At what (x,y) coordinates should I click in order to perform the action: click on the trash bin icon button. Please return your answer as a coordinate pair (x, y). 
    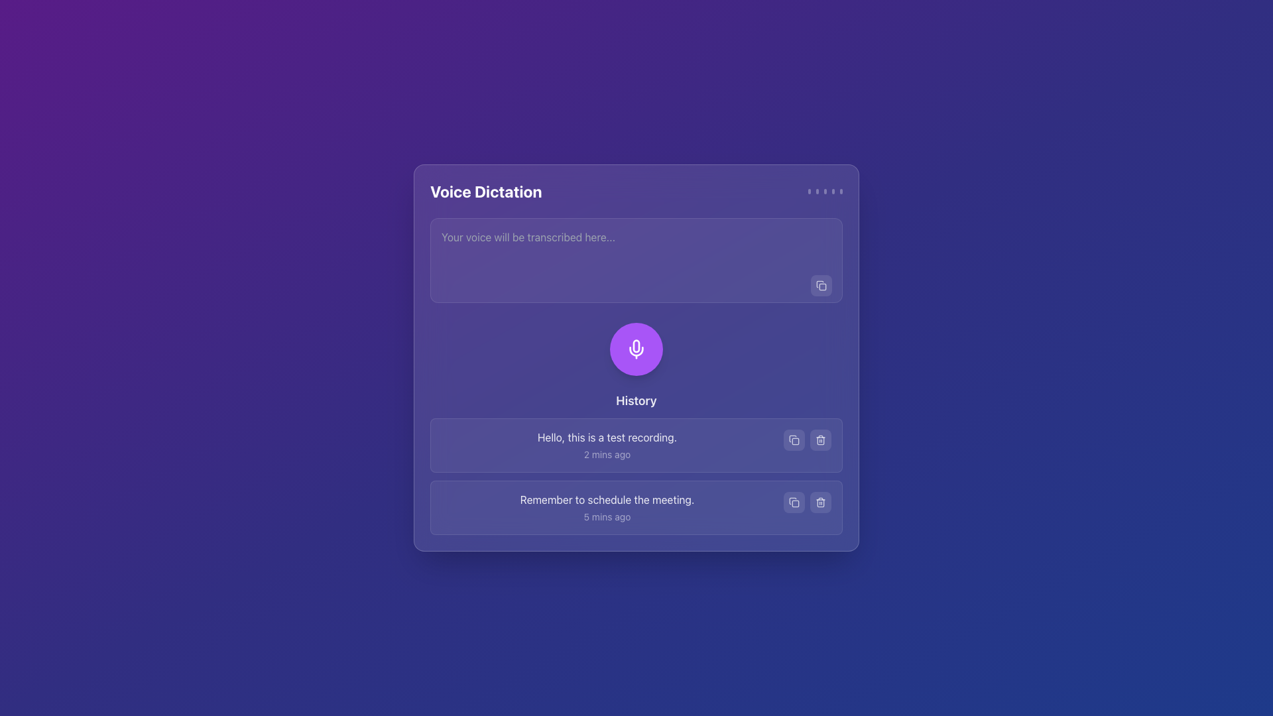
    Looking at the image, I should click on (820, 440).